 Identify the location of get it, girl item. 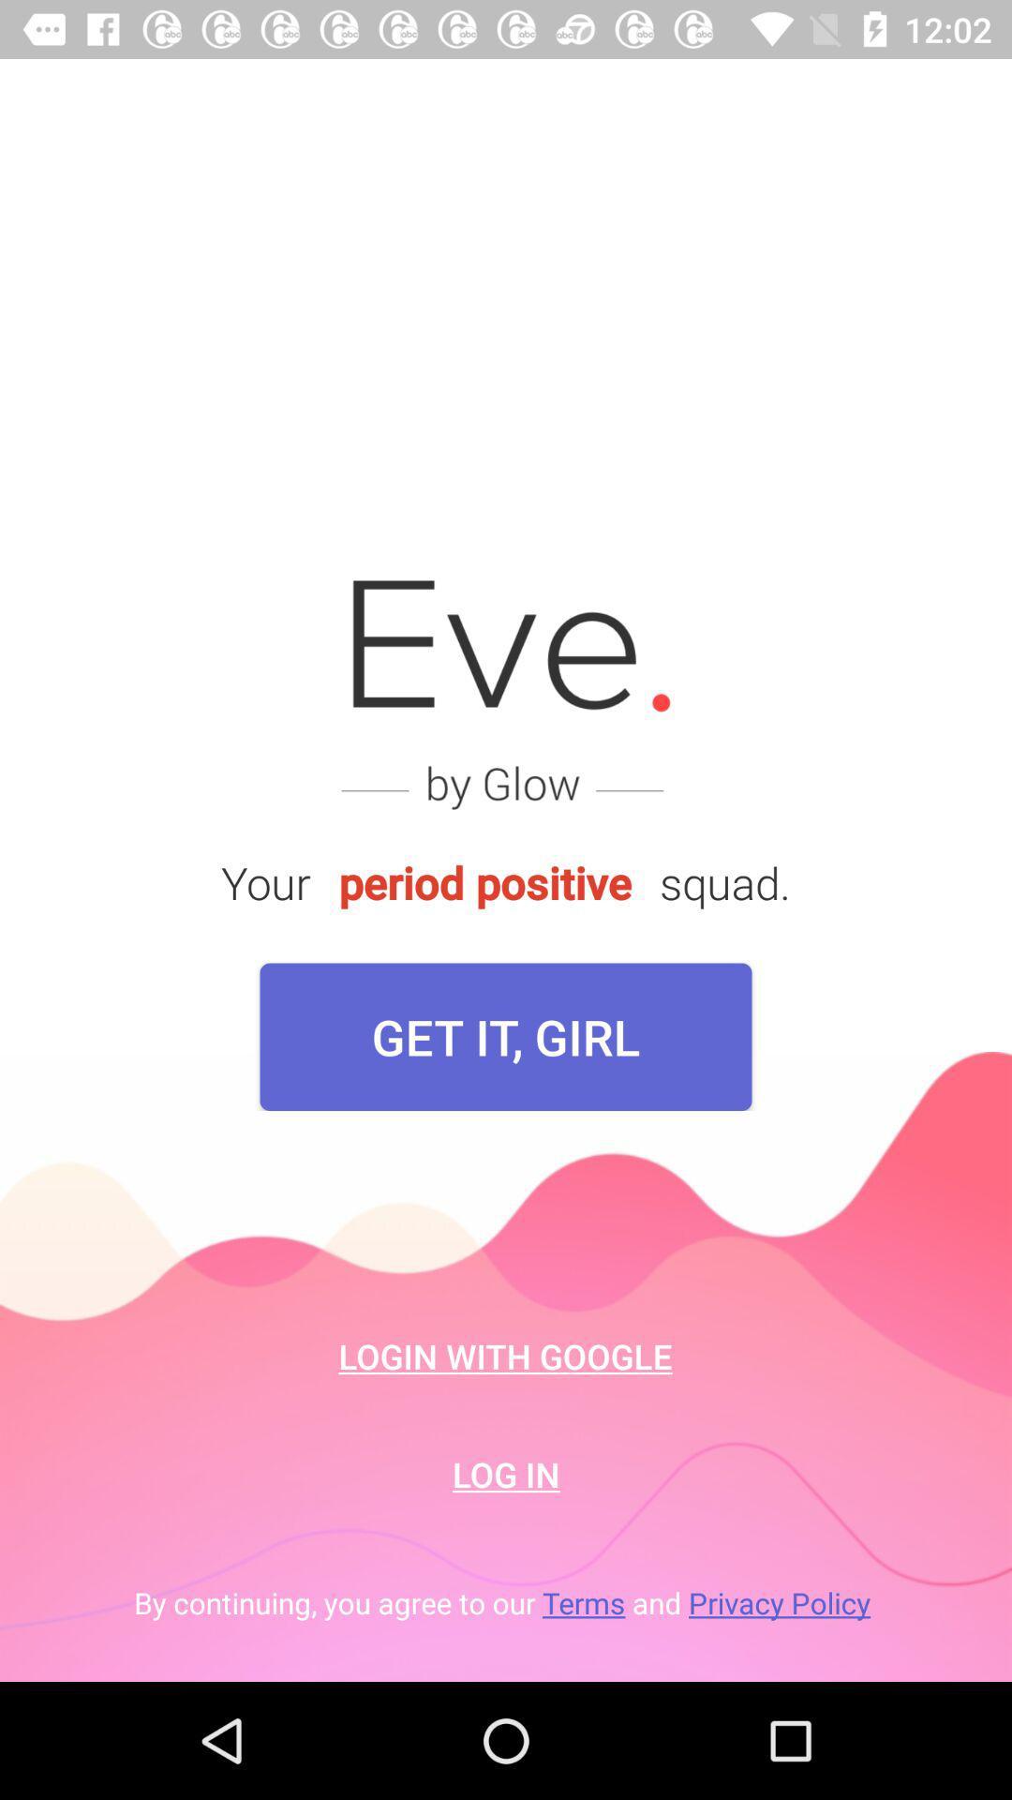
(506, 1036).